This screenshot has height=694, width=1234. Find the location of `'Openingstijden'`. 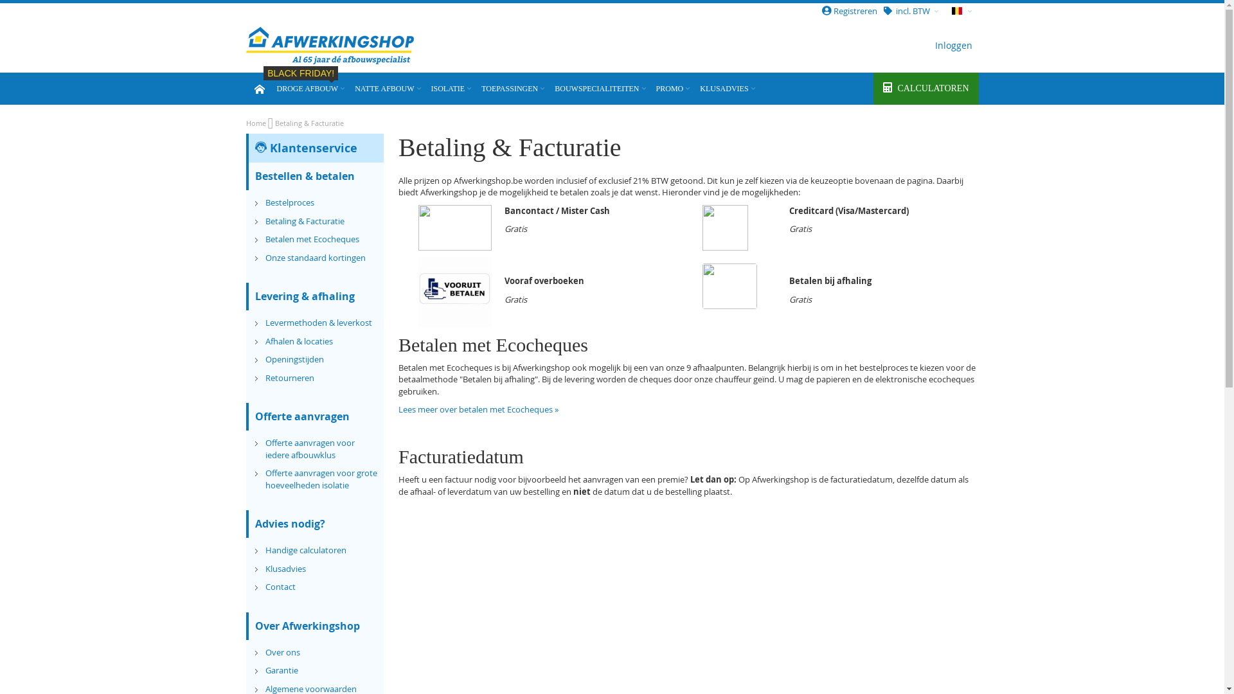

'Openingstijden' is located at coordinates (293, 359).